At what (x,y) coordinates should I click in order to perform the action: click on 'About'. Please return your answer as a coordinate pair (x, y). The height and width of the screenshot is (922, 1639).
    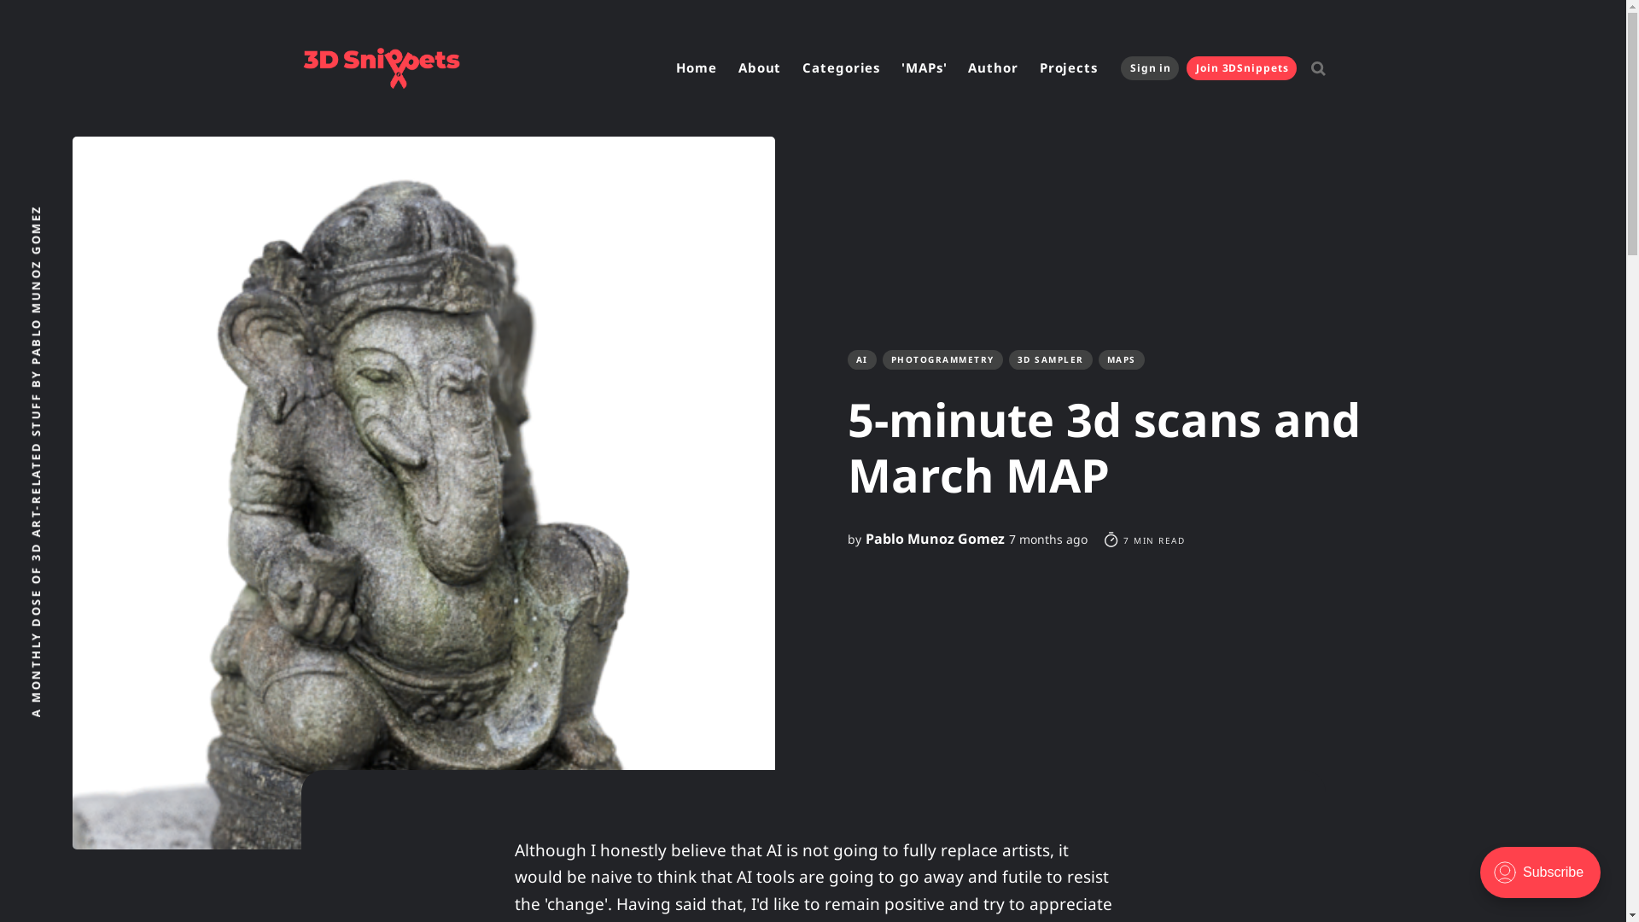
    Looking at the image, I should click on (759, 67).